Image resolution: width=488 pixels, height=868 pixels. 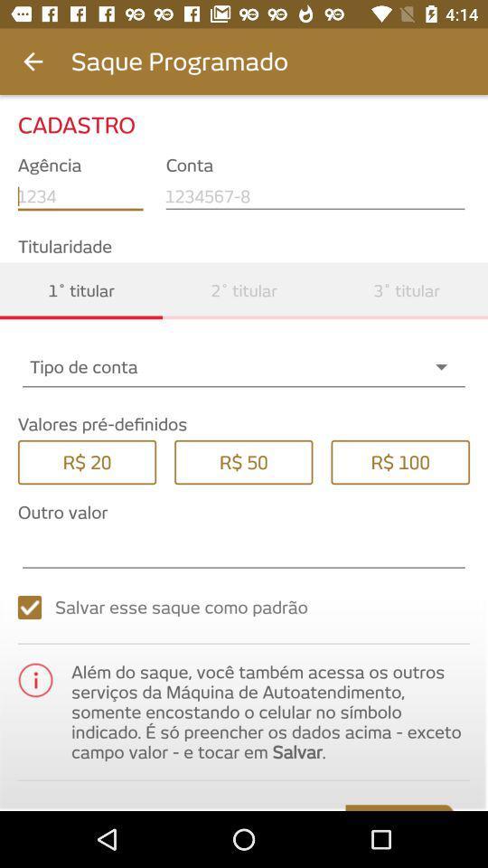 What do you see at coordinates (35, 679) in the screenshot?
I see `the info icon` at bounding box center [35, 679].